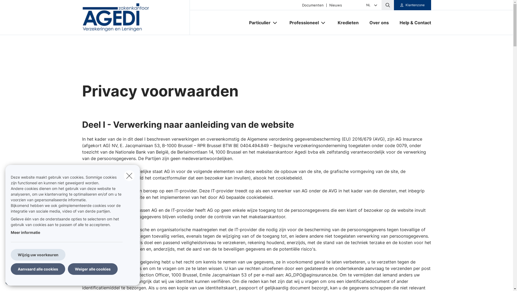 The image size is (517, 291). I want to click on 'Nieuws', so click(335, 5).